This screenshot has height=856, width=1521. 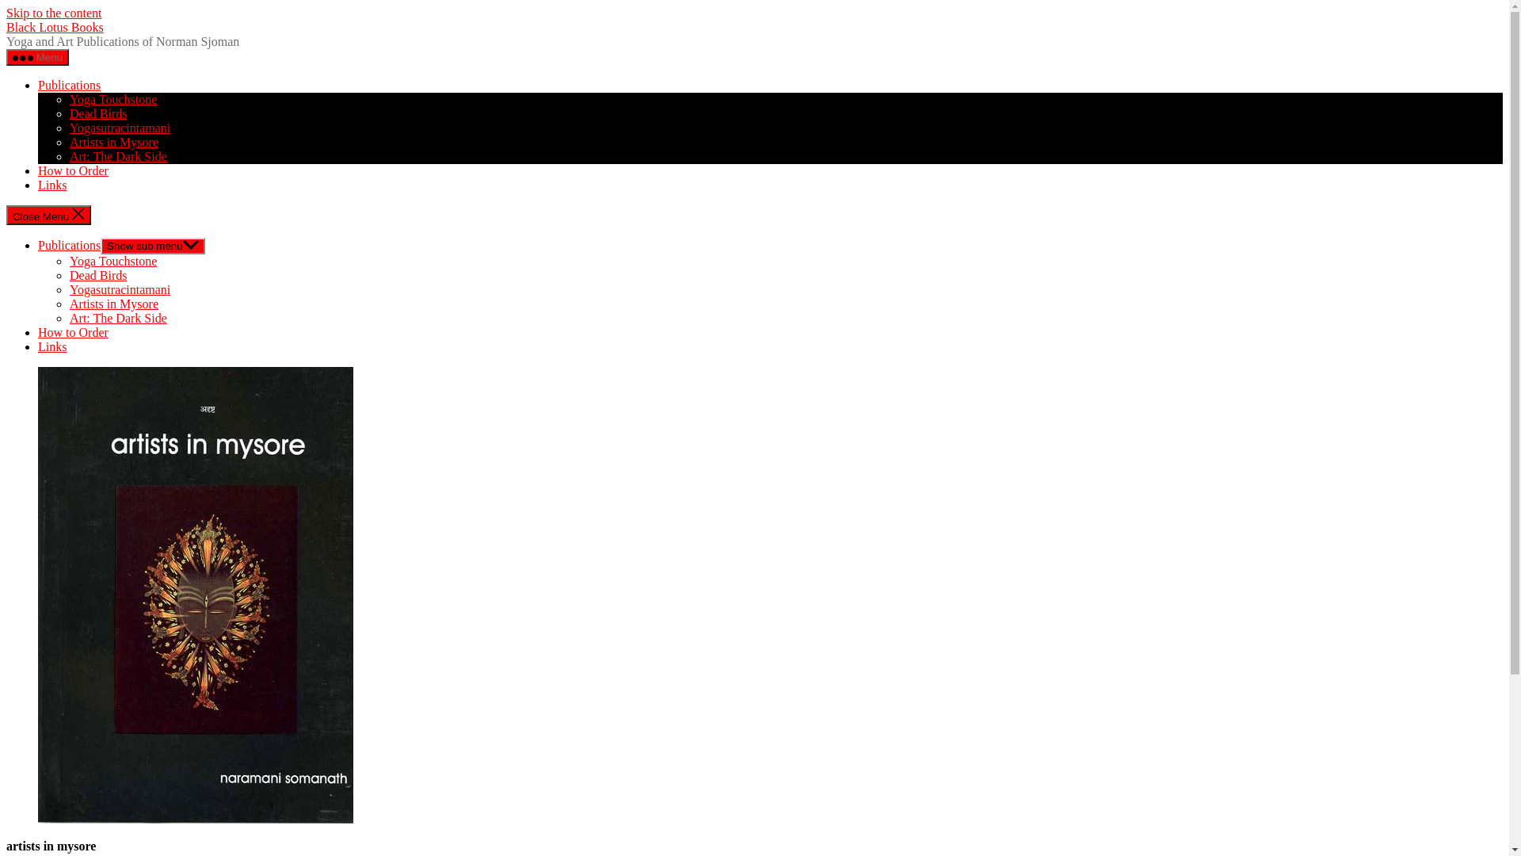 I want to click on 'Show sub menu', so click(x=152, y=246).